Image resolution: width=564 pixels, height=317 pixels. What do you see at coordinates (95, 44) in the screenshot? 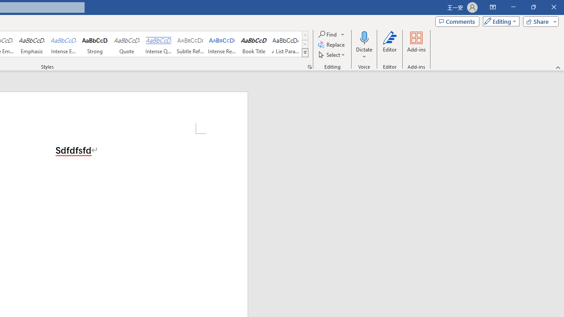
I see `'Strong'` at bounding box center [95, 44].